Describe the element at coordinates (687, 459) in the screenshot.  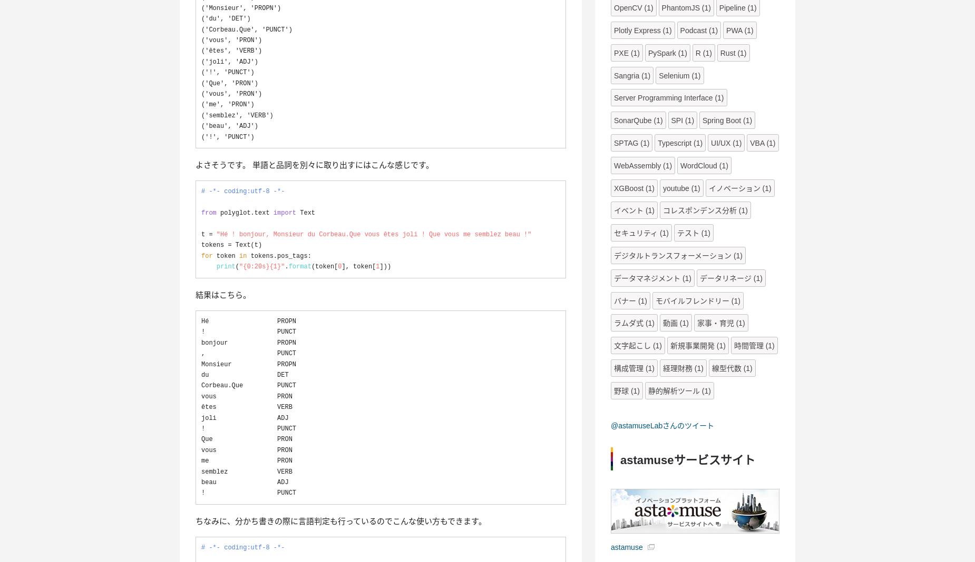
I see `'astamuseサービスサイト'` at that location.